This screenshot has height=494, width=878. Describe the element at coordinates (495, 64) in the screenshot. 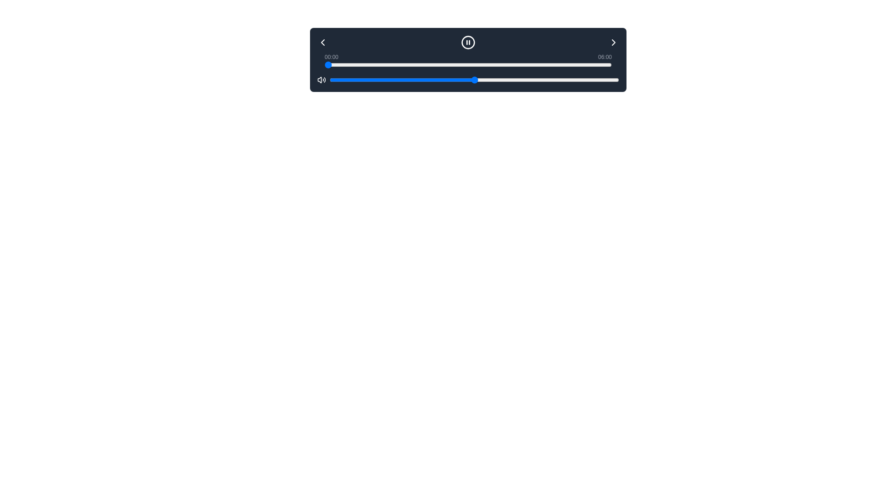

I see `the slider` at that location.